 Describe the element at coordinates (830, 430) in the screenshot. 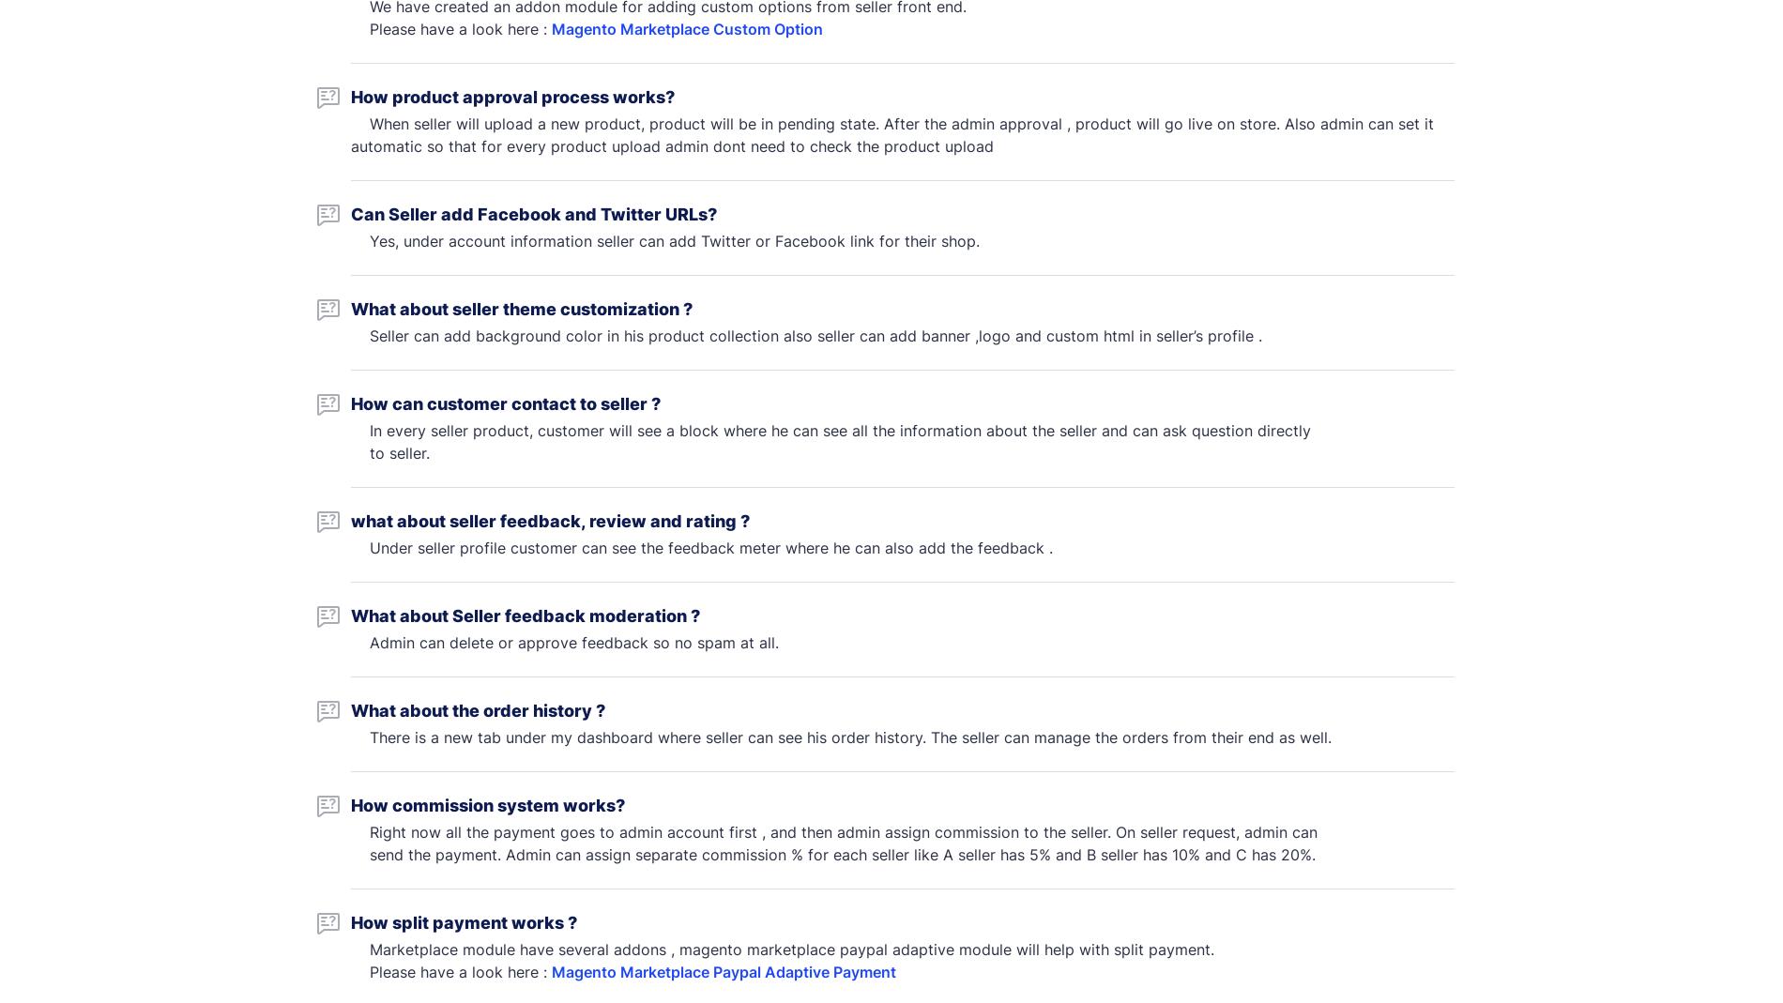

I see `'In every seller product, customer will see a block where he can see all the information about the seller and can ask question directly'` at that location.